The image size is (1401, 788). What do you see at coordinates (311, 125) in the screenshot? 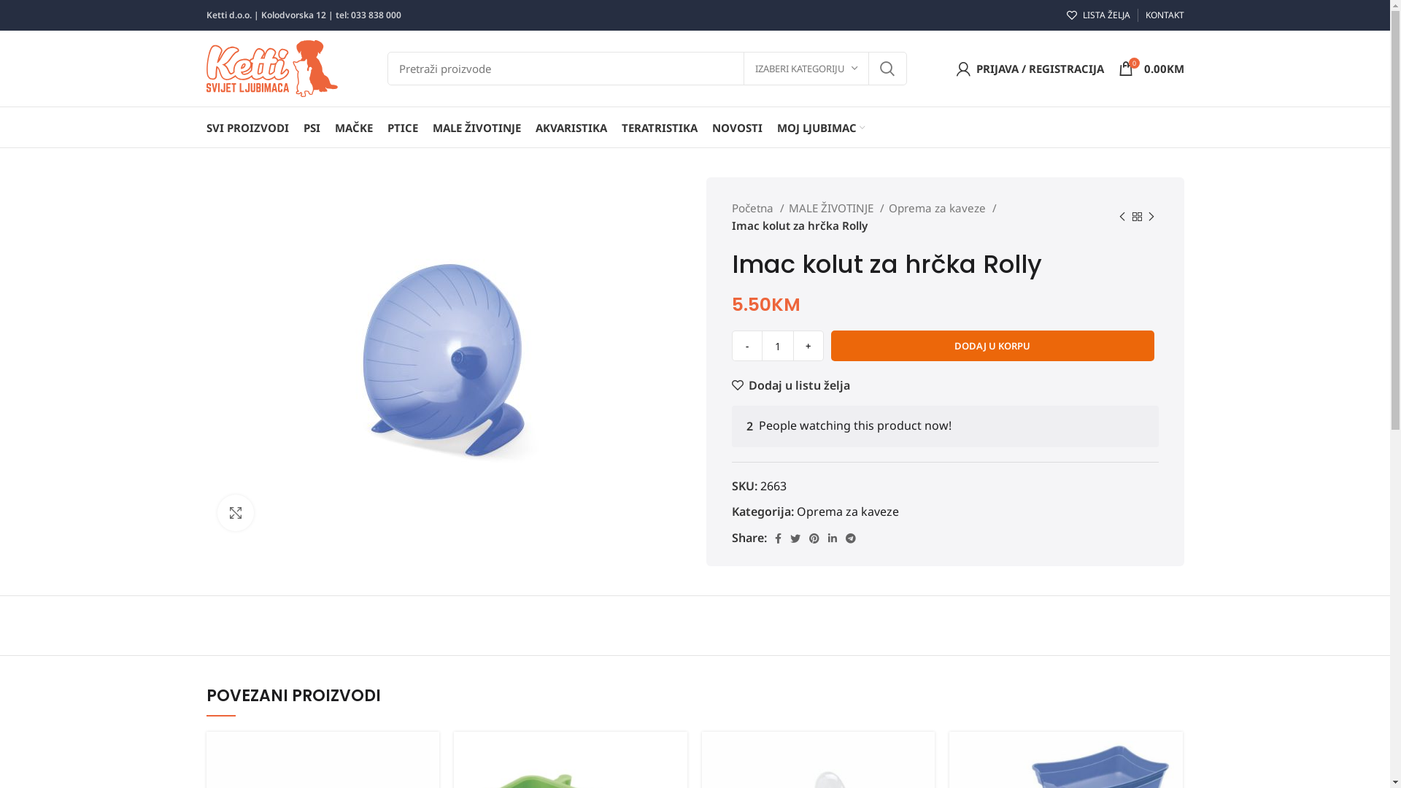
I see `'PSI'` at bounding box center [311, 125].